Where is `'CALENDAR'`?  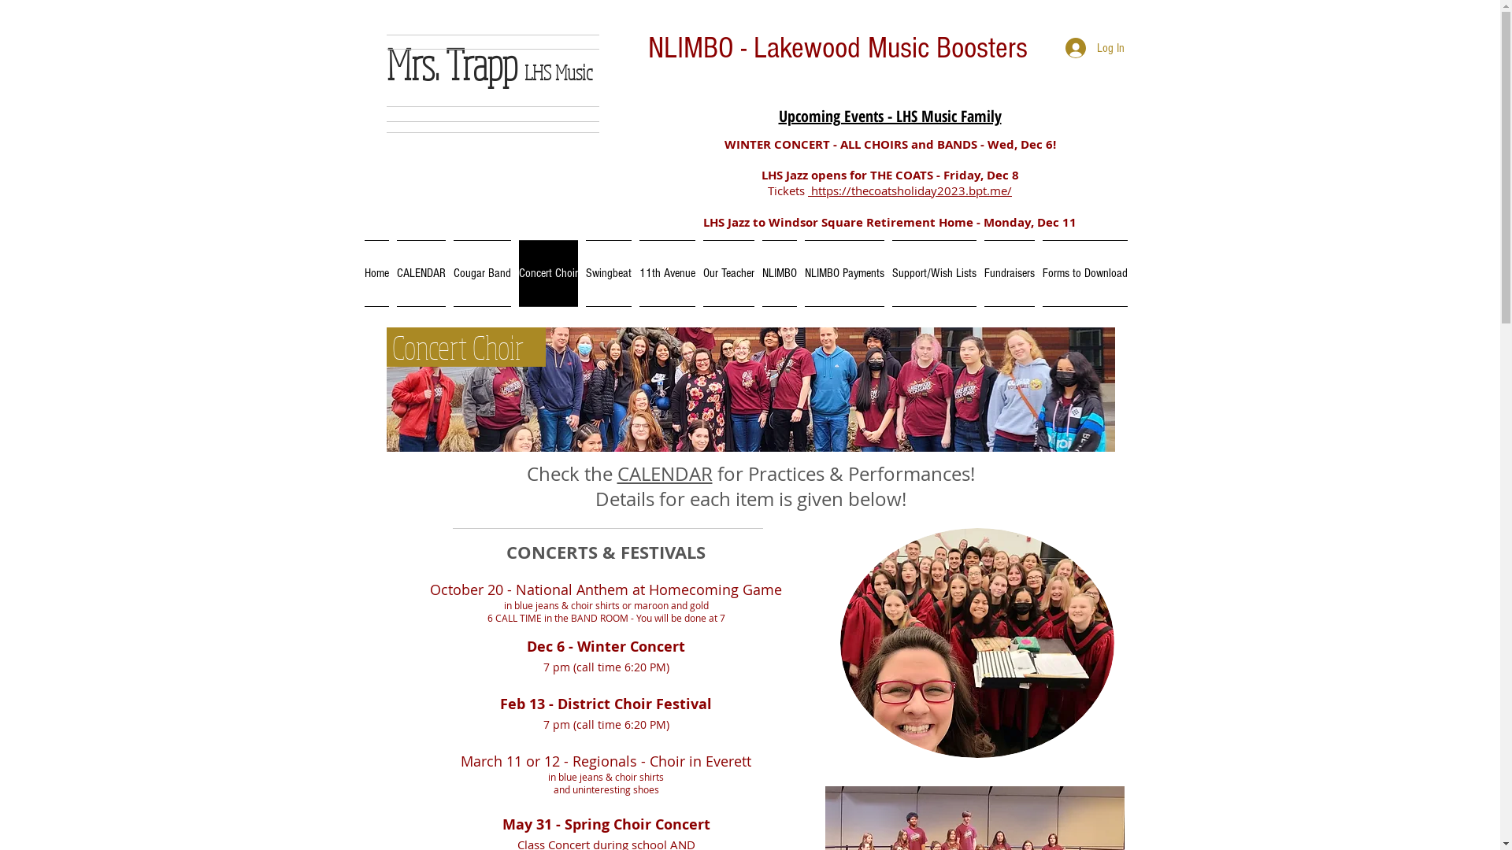 'CALENDAR' is located at coordinates (420, 272).